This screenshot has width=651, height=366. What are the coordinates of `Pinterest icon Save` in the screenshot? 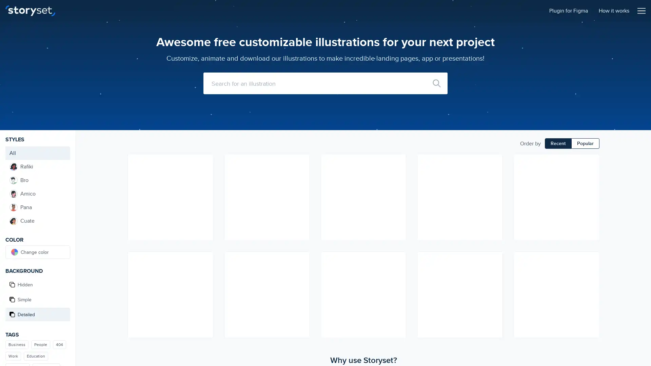 It's located at (301, 284).